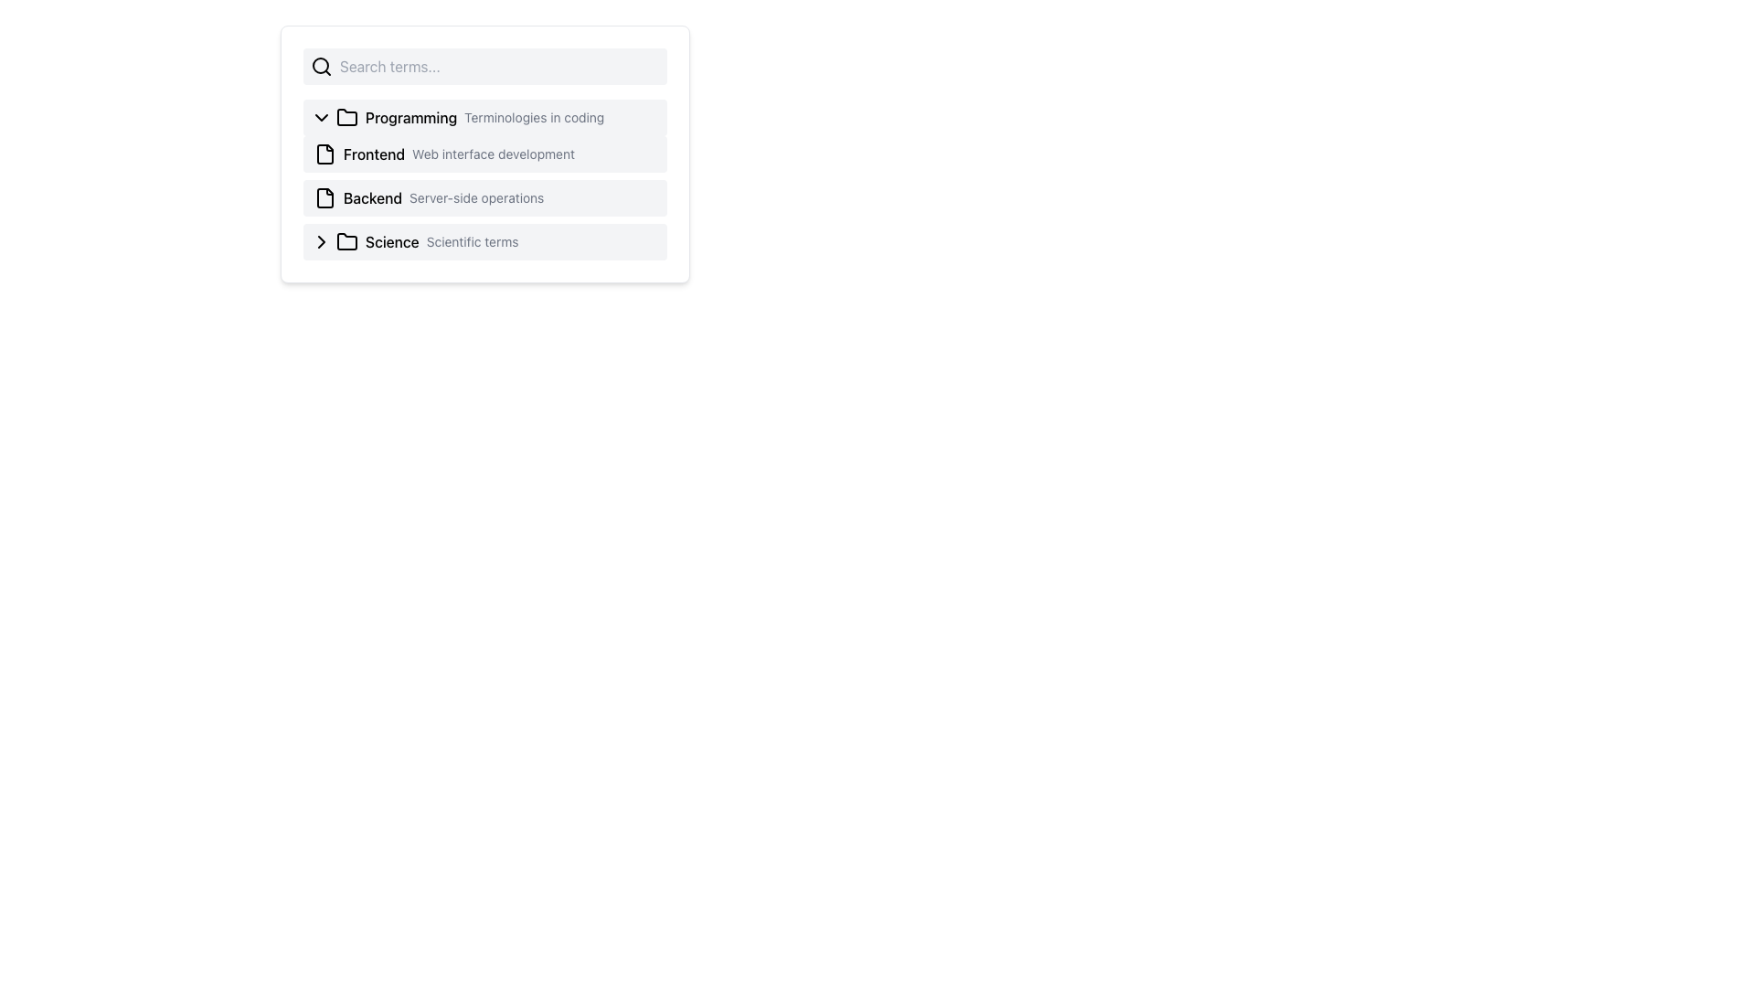  Describe the element at coordinates (410, 117) in the screenshot. I see `the 'Programming' text label which is located within the first list item of the expandable menu, positioned to the right of a folder icon` at that location.